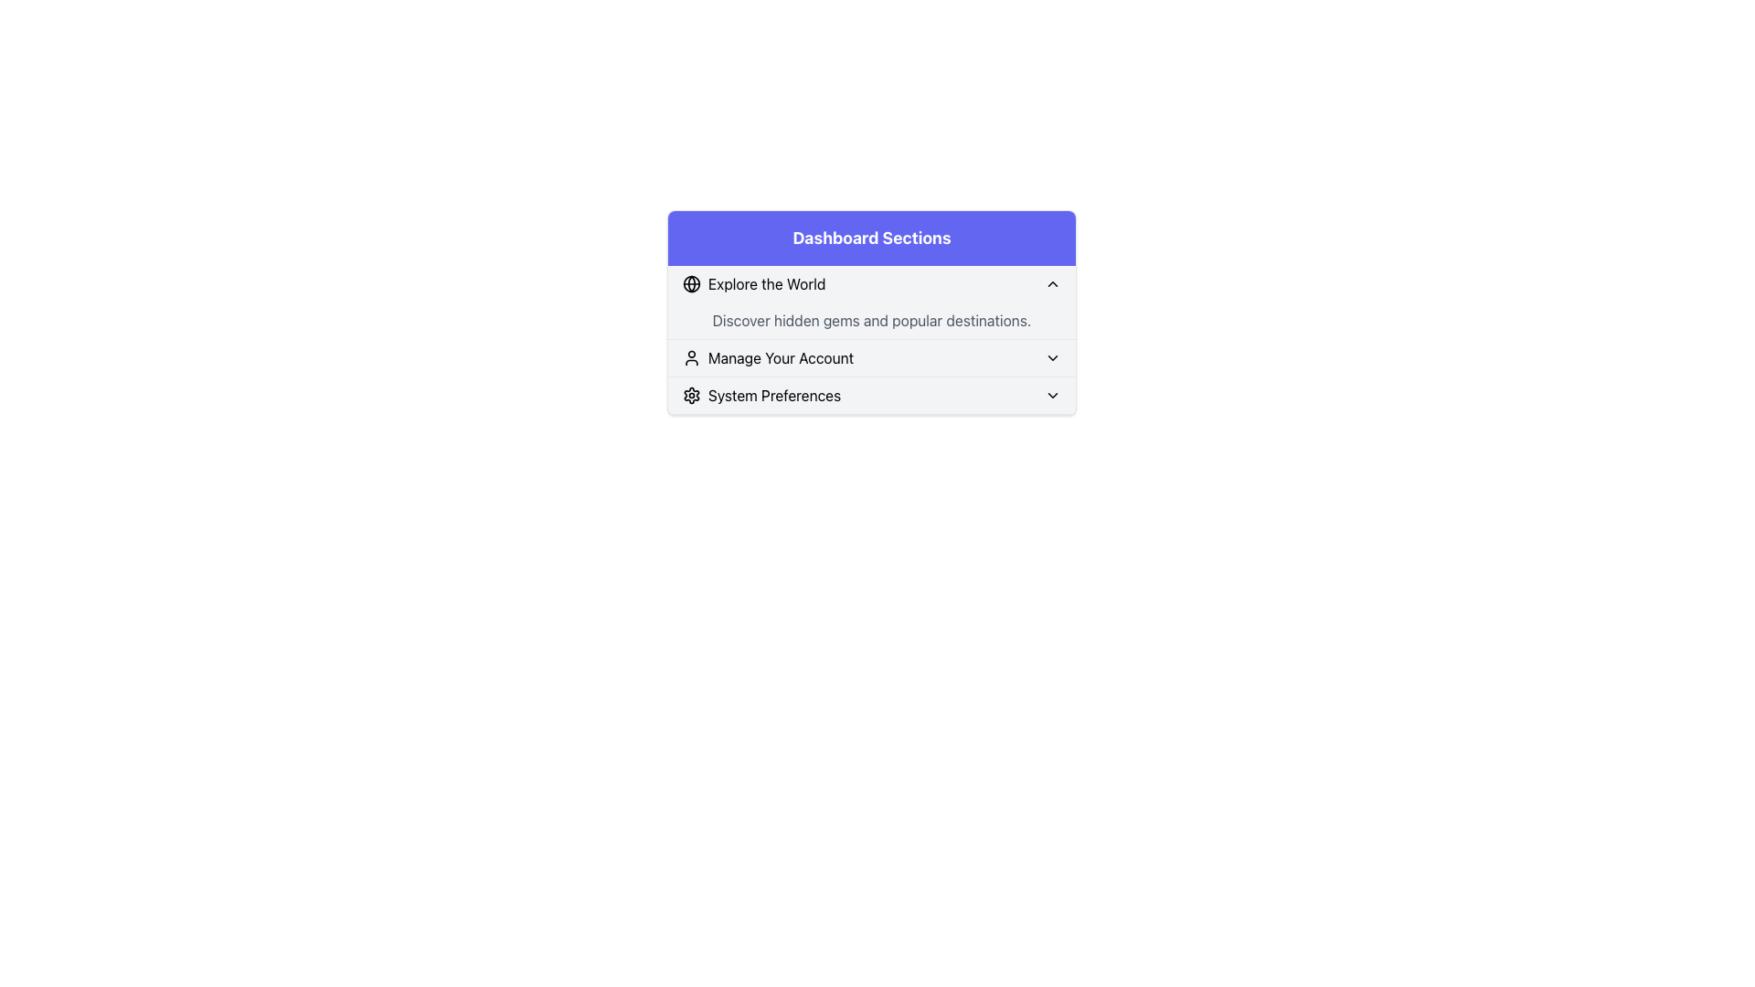 The width and height of the screenshot is (1755, 987). Describe the element at coordinates (691, 394) in the screenshot. I see `the stylized gear icon located to the left of the 'System Preferences' text` at that location.